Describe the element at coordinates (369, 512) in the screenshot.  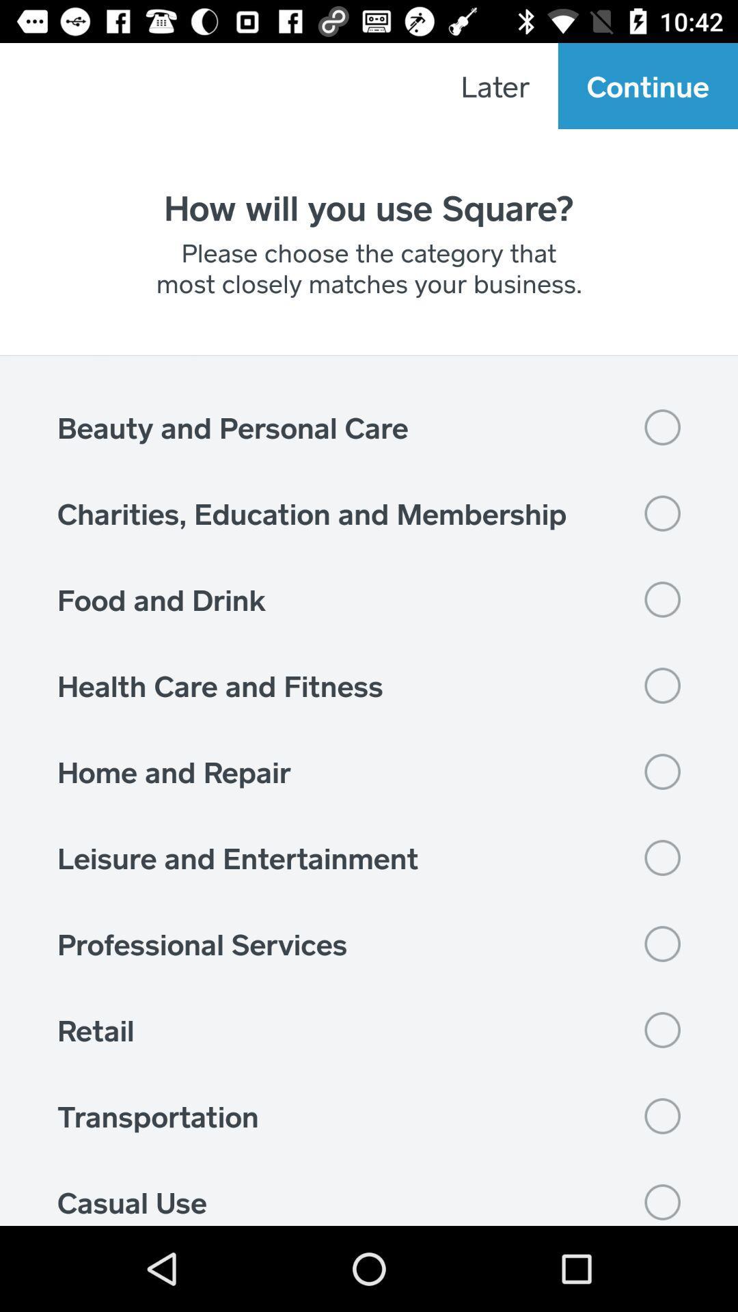
I see `the item below beauty and personal item` at that location.